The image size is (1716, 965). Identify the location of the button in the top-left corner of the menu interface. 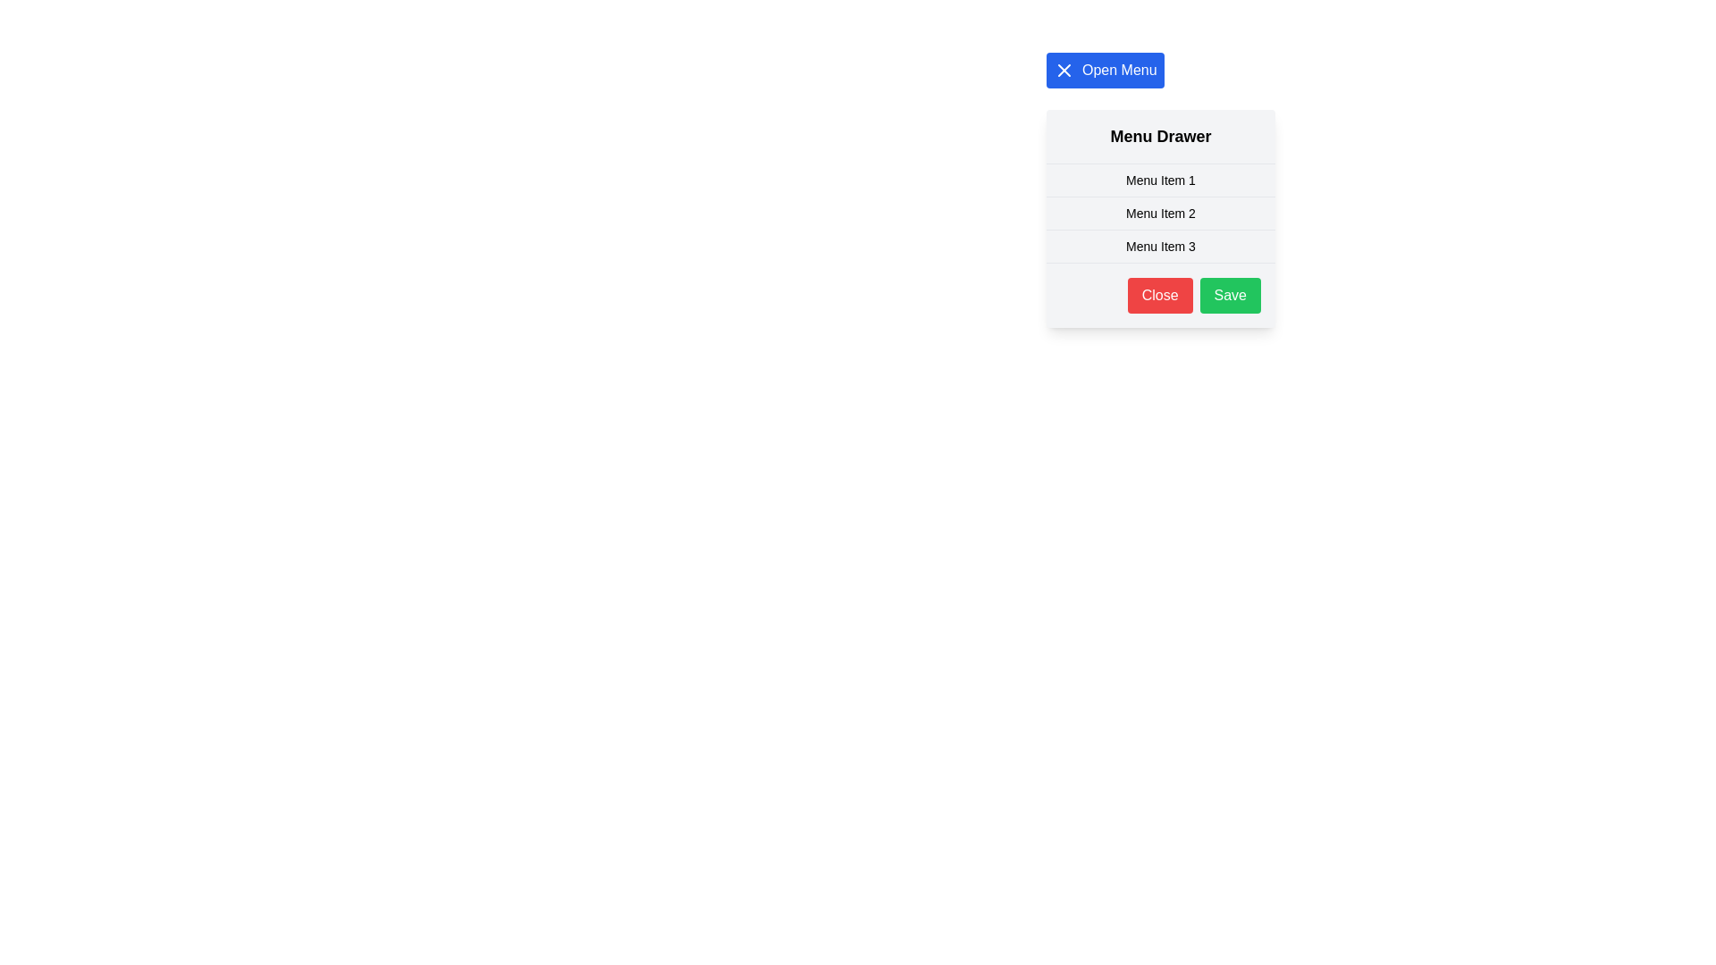
(1104, 69).